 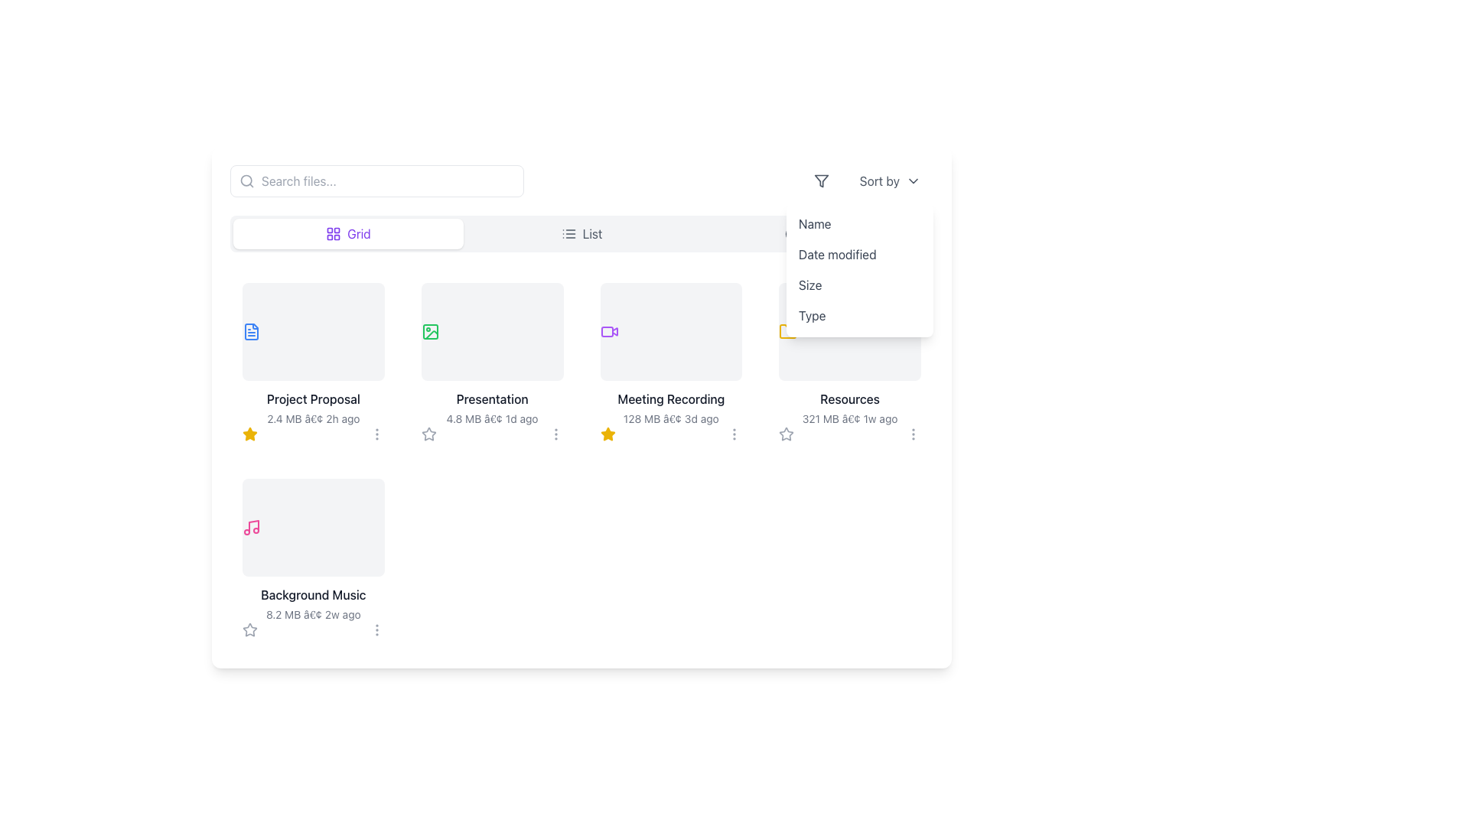 What do you see at coordinates (312, 594) in the screenshot?
I see `the text label that serves as a title for the file represented in the file management area, located below the musical note icon and above the details text '8.2 MB • 2w ago'` at bounding box center [312, 594].